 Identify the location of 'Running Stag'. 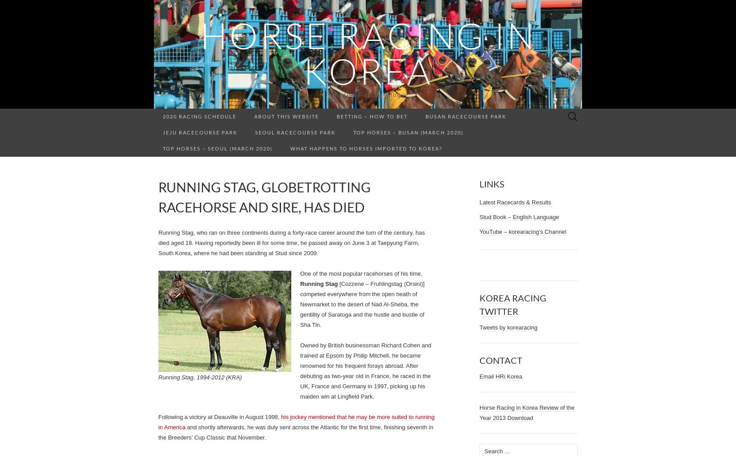
(319, 284).